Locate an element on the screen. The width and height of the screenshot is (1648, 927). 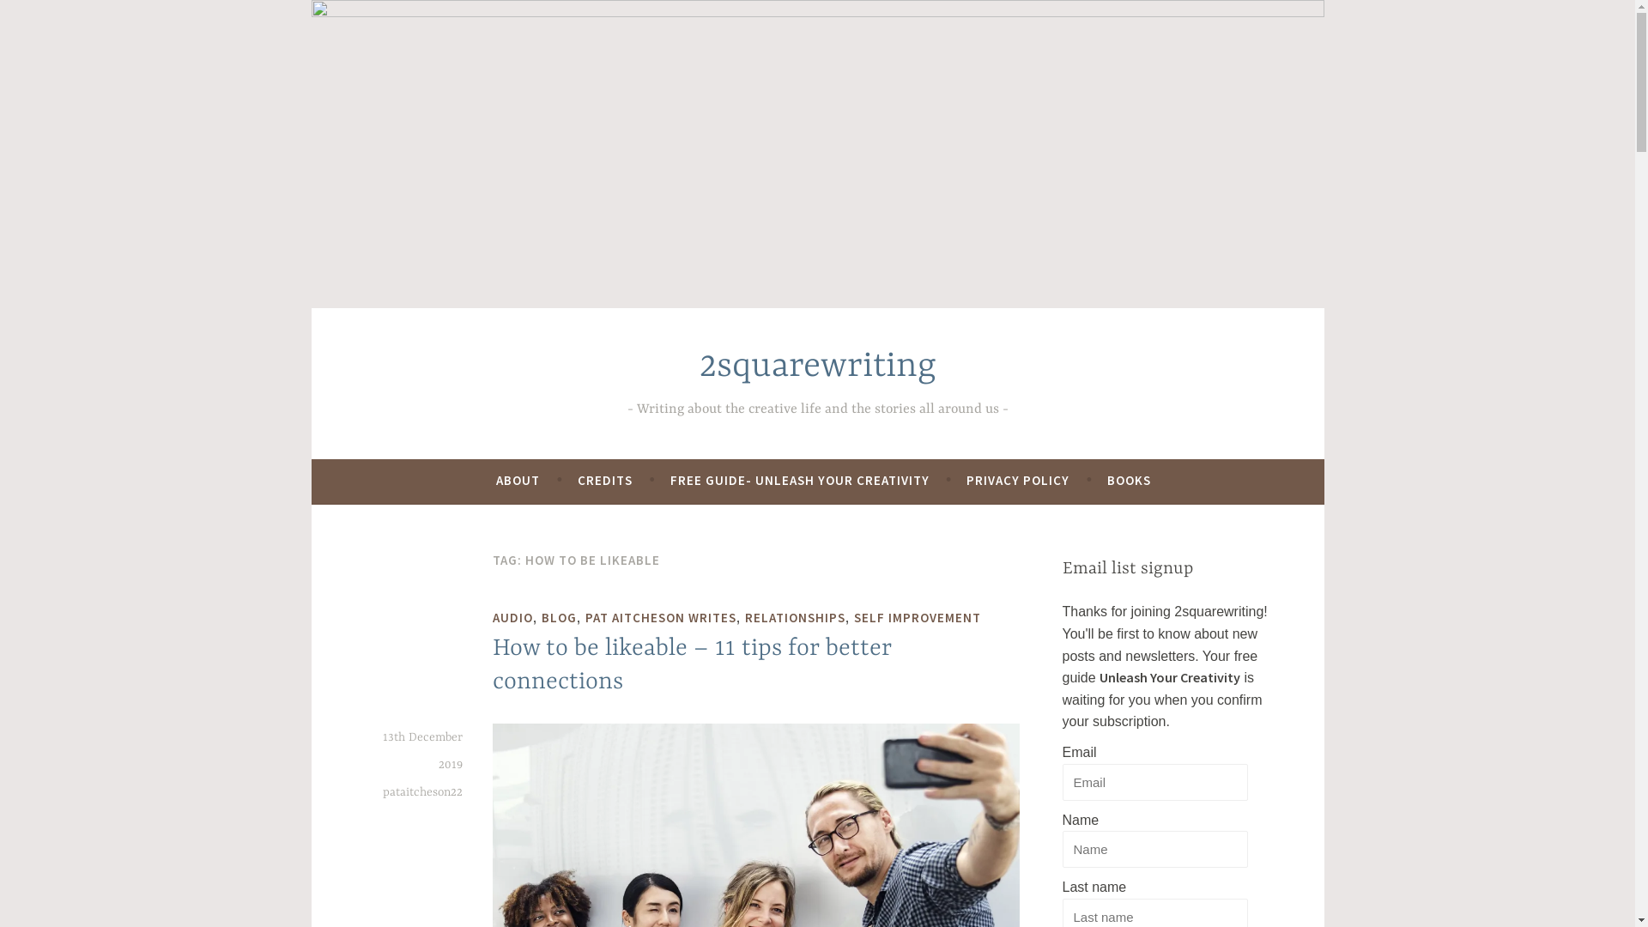
'CREDITS' is located at coordinates (577, 480).